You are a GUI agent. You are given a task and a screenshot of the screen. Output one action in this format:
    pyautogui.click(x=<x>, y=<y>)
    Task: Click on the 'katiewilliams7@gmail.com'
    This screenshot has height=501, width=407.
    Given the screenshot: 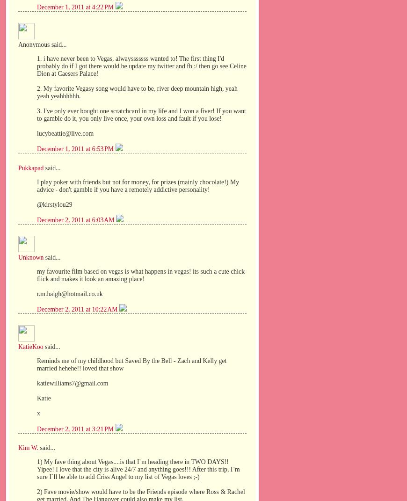 What is the action you would take?
    pyautogui.click(x=36, y=382)
    